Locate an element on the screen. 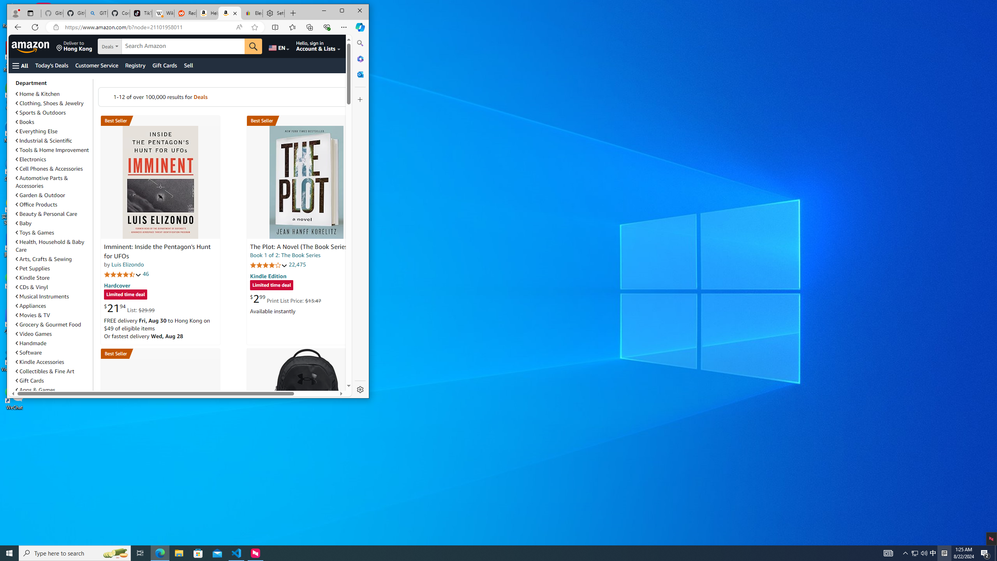 The height and width of the screenshot is (561, 997). 'Wikipedia, the free encyclopedia' is located at coordinates (162, 13).